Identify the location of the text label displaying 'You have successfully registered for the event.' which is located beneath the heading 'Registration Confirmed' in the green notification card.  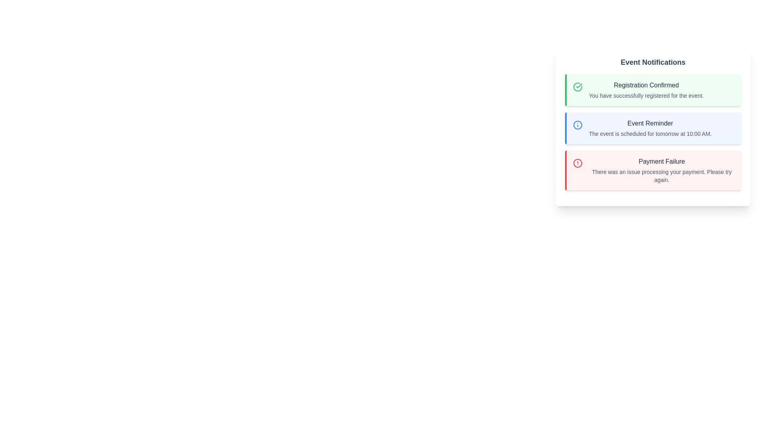
(646, 95).